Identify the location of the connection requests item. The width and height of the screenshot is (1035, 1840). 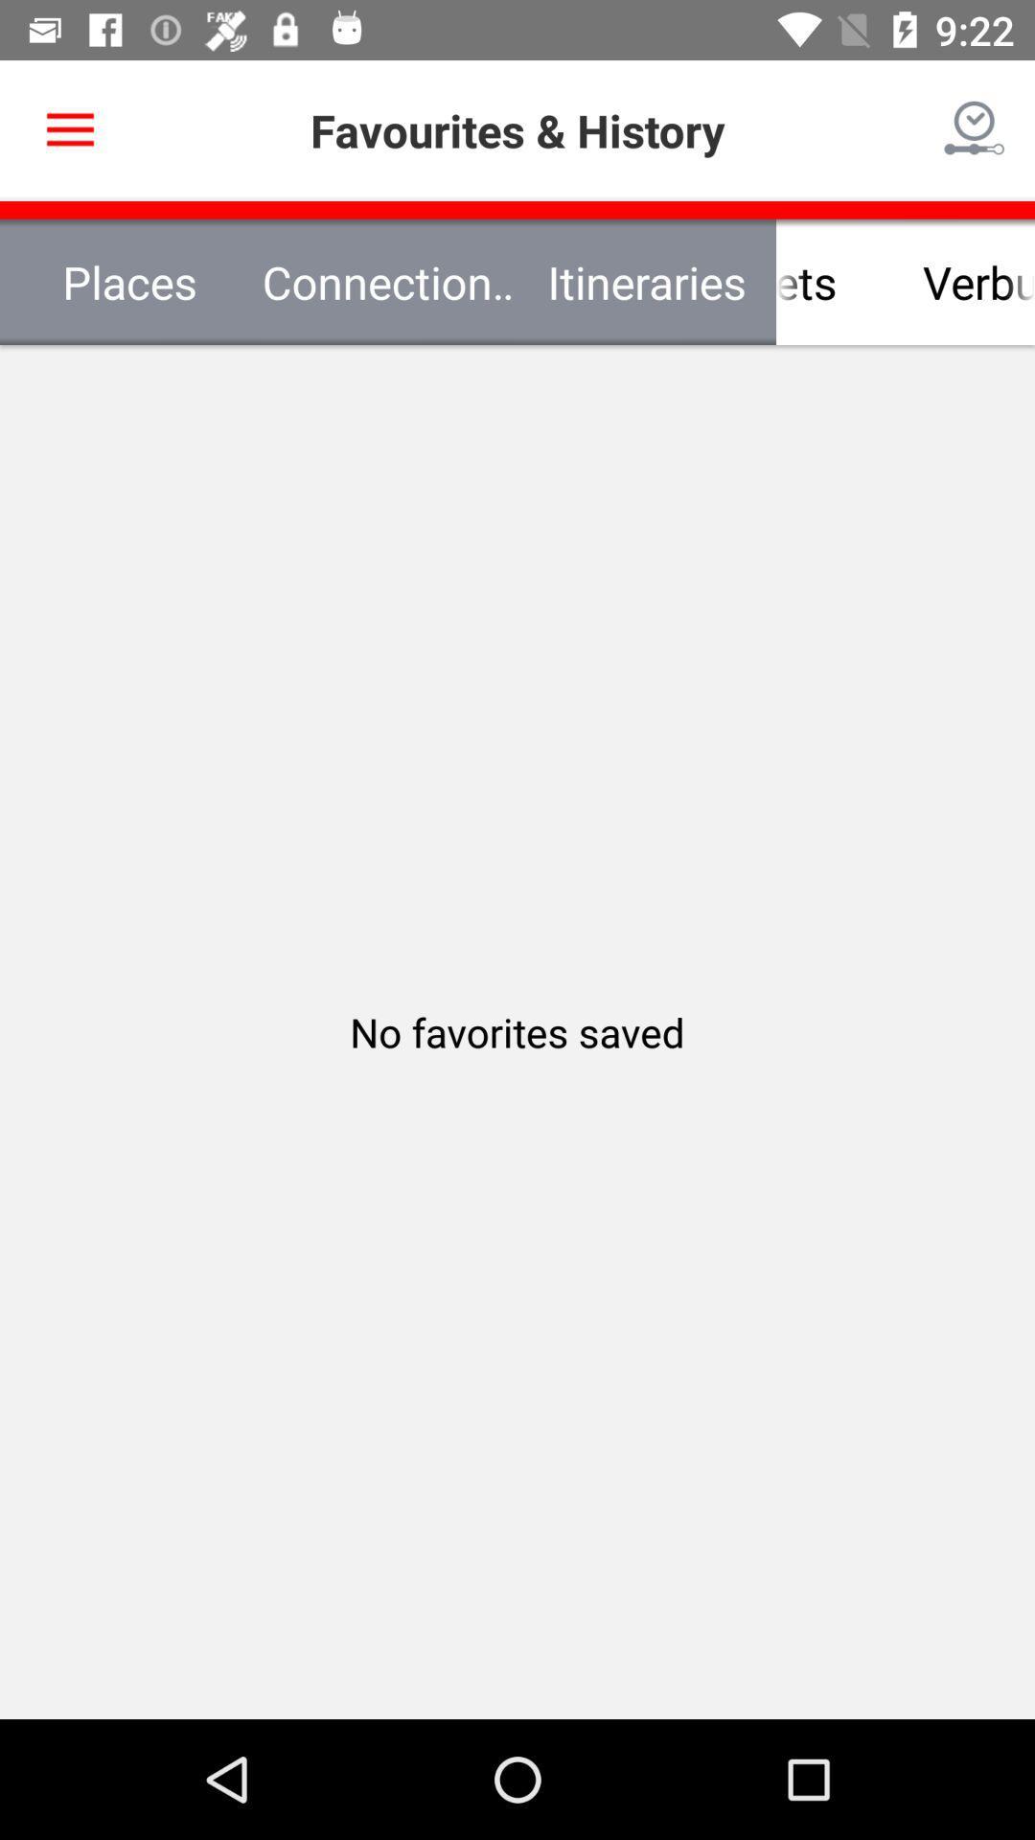
(388, 281).